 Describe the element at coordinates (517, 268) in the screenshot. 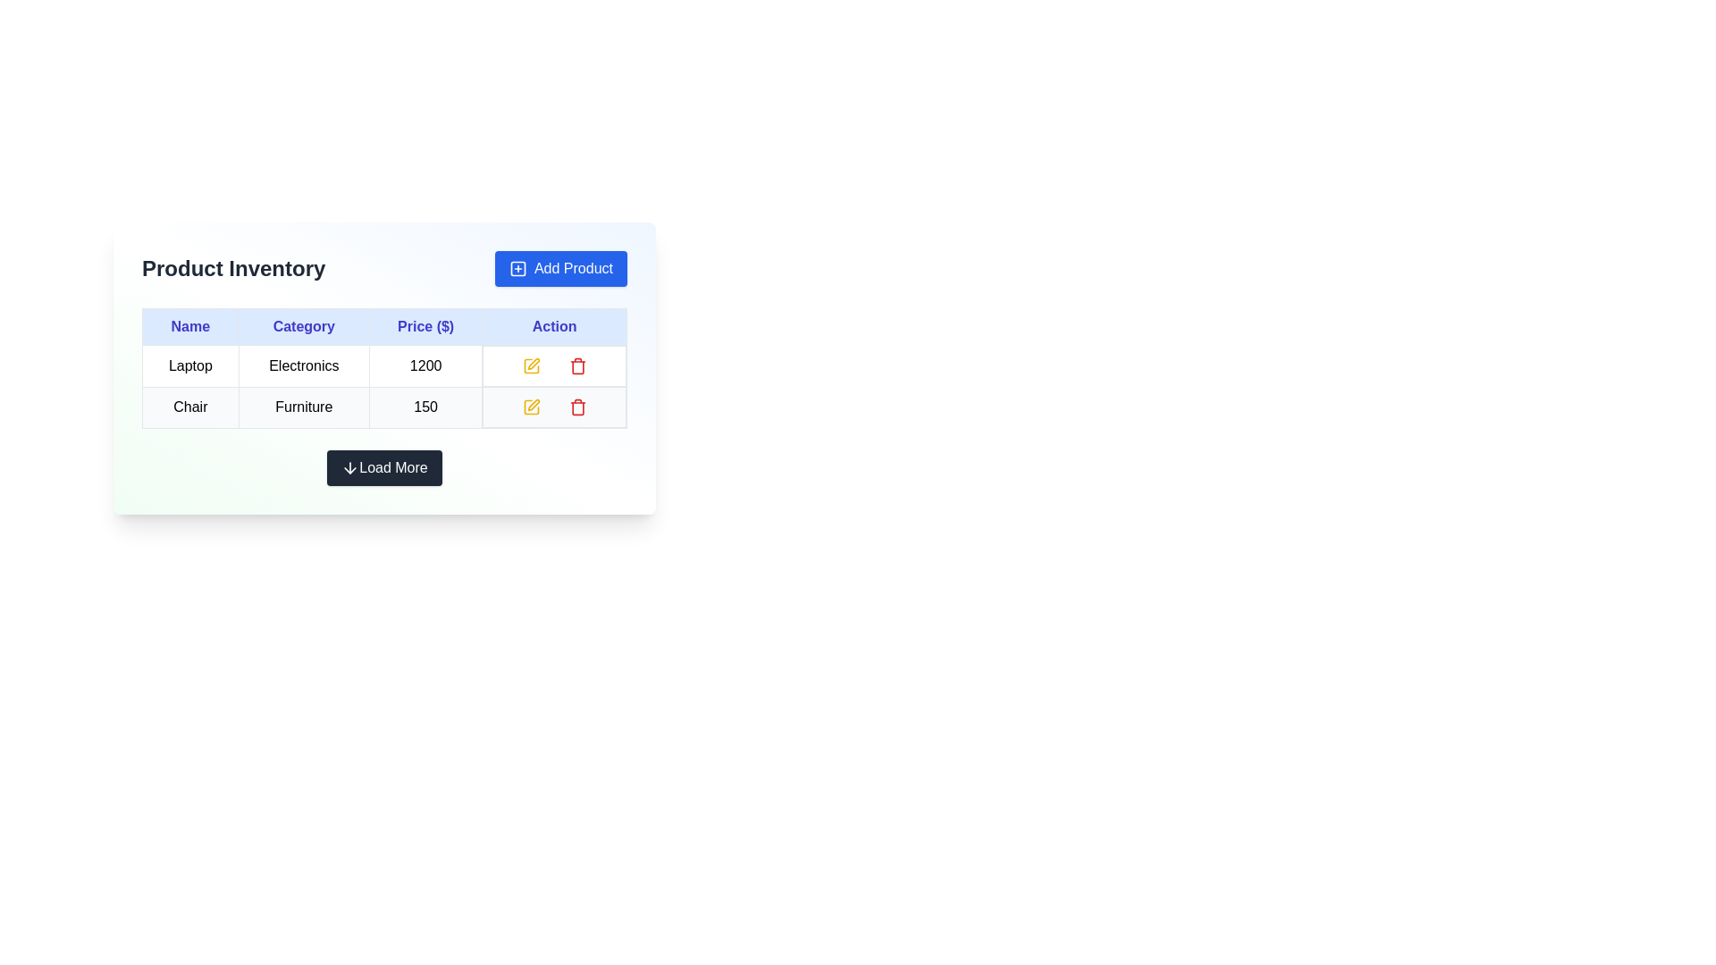

I see `the small blue outlined square icon with a white background and a '+' symbol, located to the left of the 'Add Product' text inside a blue button in the top-right corner of the interface` at that location.